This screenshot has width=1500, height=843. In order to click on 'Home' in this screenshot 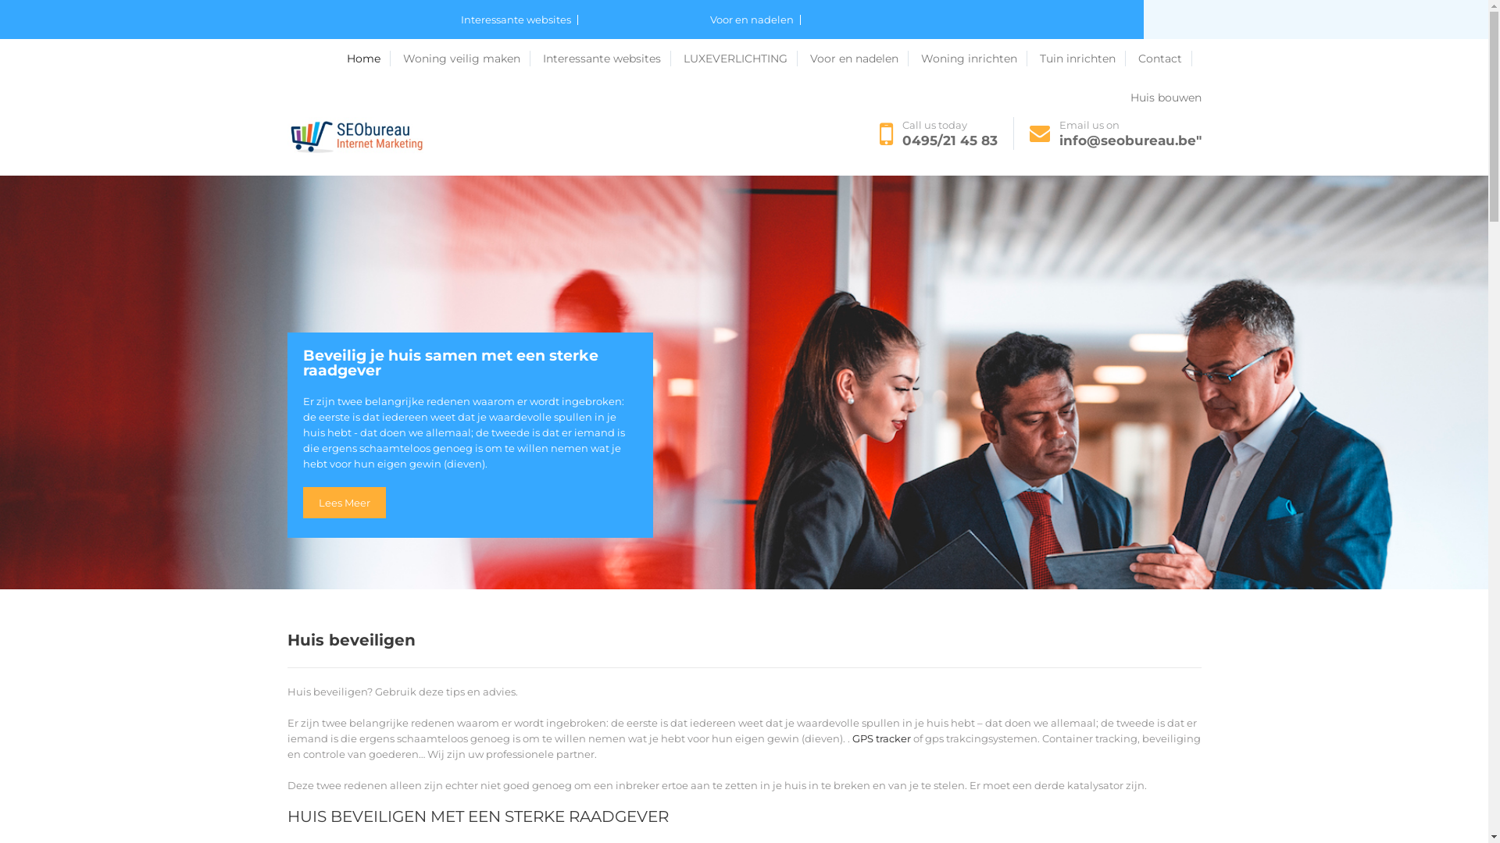, I will do `click(307, 58)`.